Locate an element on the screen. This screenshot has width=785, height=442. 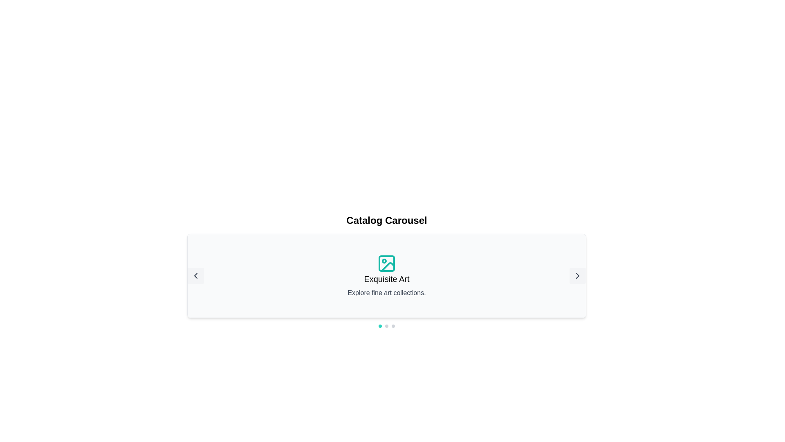
teal-colored icon representing an image, which features a small triangle with a dot inside, located in the carousel display below 'Catalog Carousel' and above 'Exquisite Art' is located at coordinates (388, 266).